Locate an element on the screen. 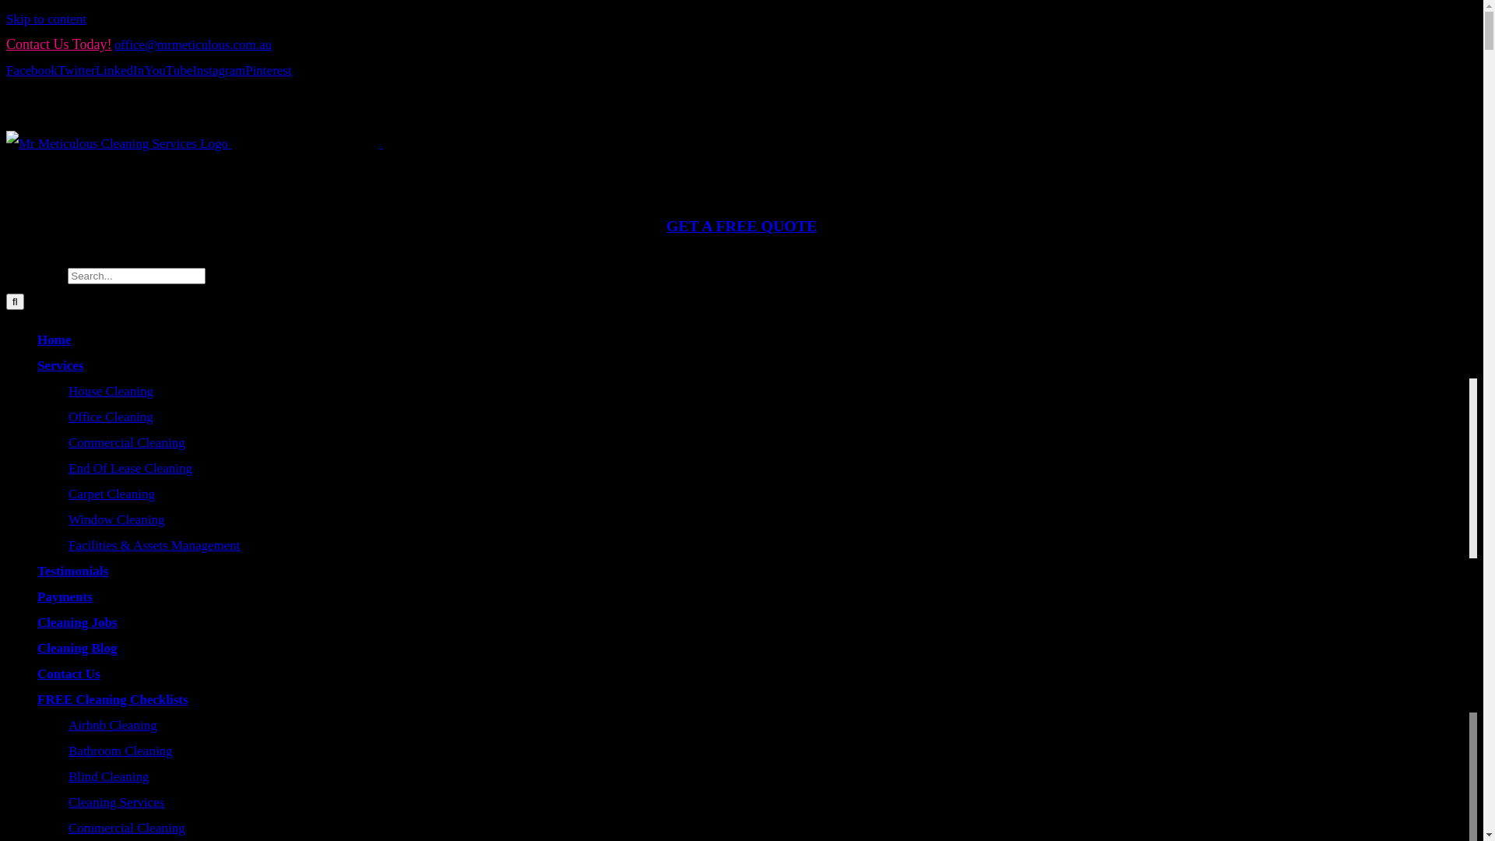  'Pinterest' is located at coordinates (269, 70).